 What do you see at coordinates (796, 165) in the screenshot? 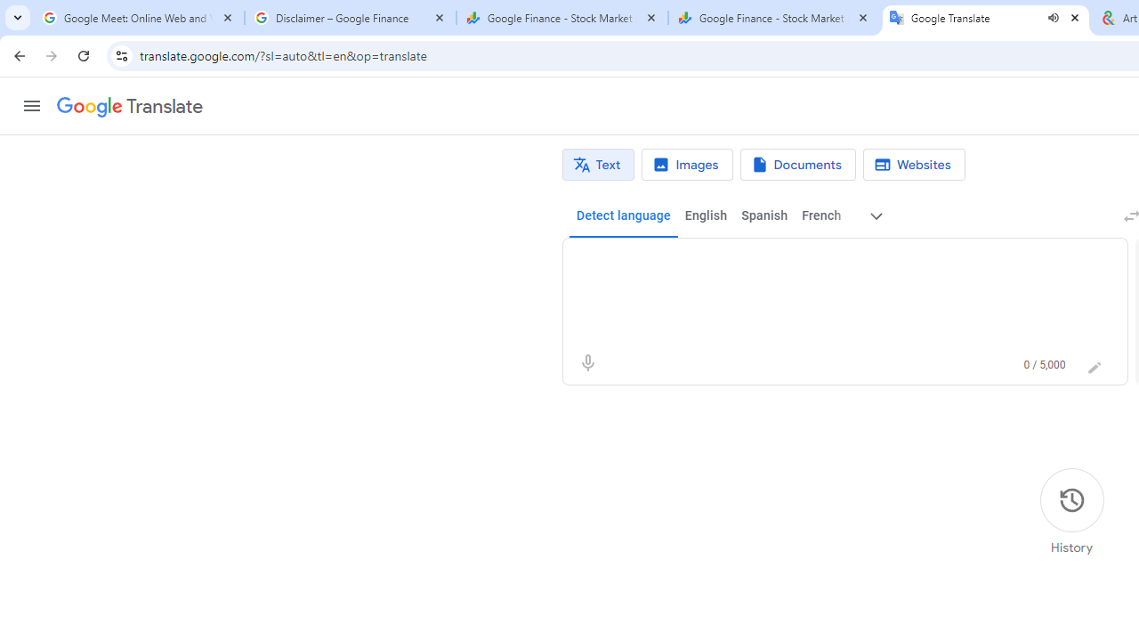
I see `'Document translation'` at bounding box center [796, 165].